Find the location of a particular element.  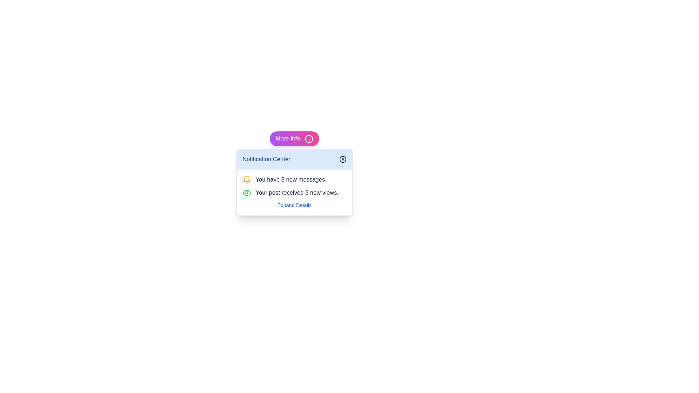

the Vector graphic icon that serves as a visual indicator for notifications, located in the top section of the notification pop-up interface, above the text title 'Notification Center' is located at coordinates (246, 179).